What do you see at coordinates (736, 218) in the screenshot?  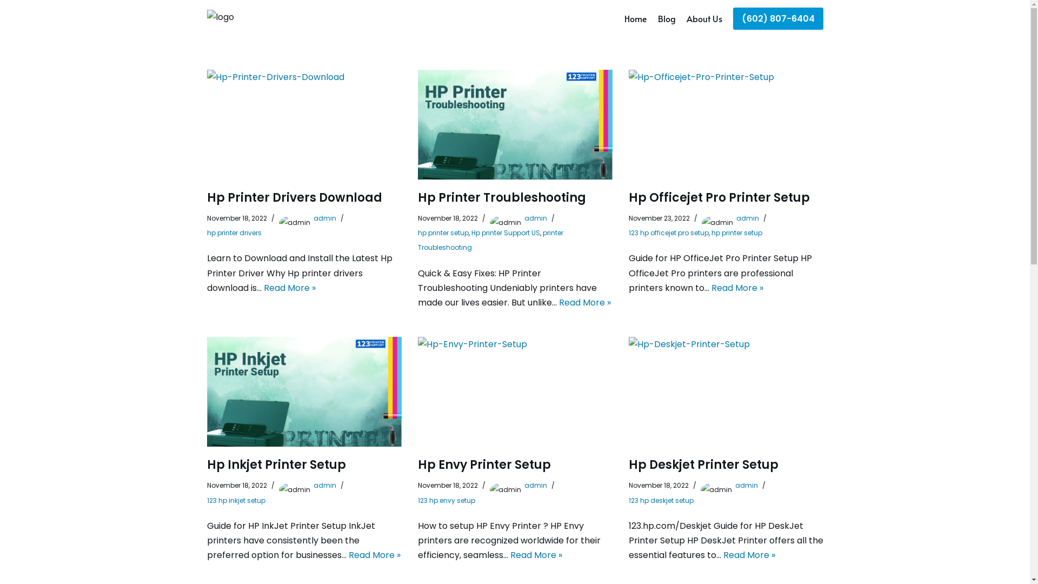 I see `'admin'` at bounding box center [736, 218].